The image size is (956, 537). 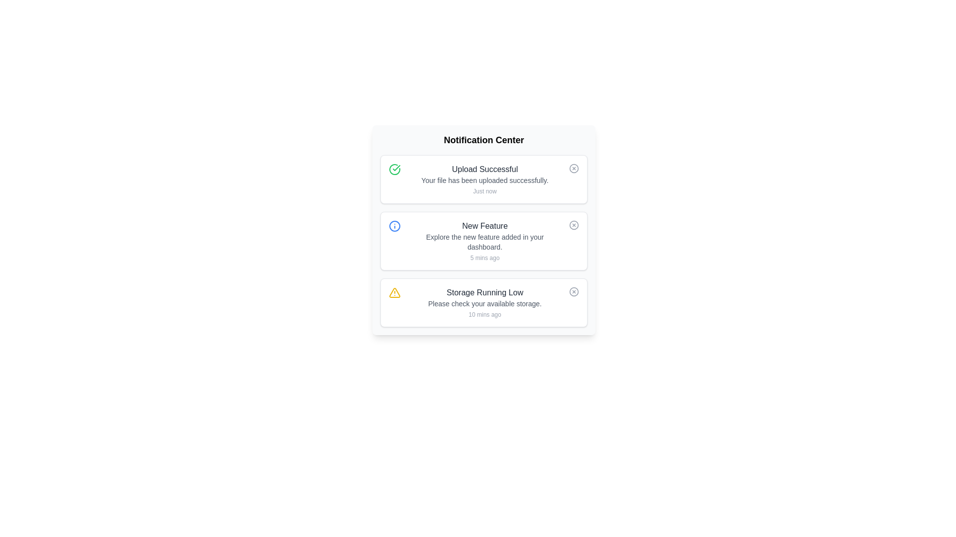 I want to click on text from the Notification Card that confirms a file has been successfully uploaded, which is the first item in the notification center list, so click(x=483, y=179).